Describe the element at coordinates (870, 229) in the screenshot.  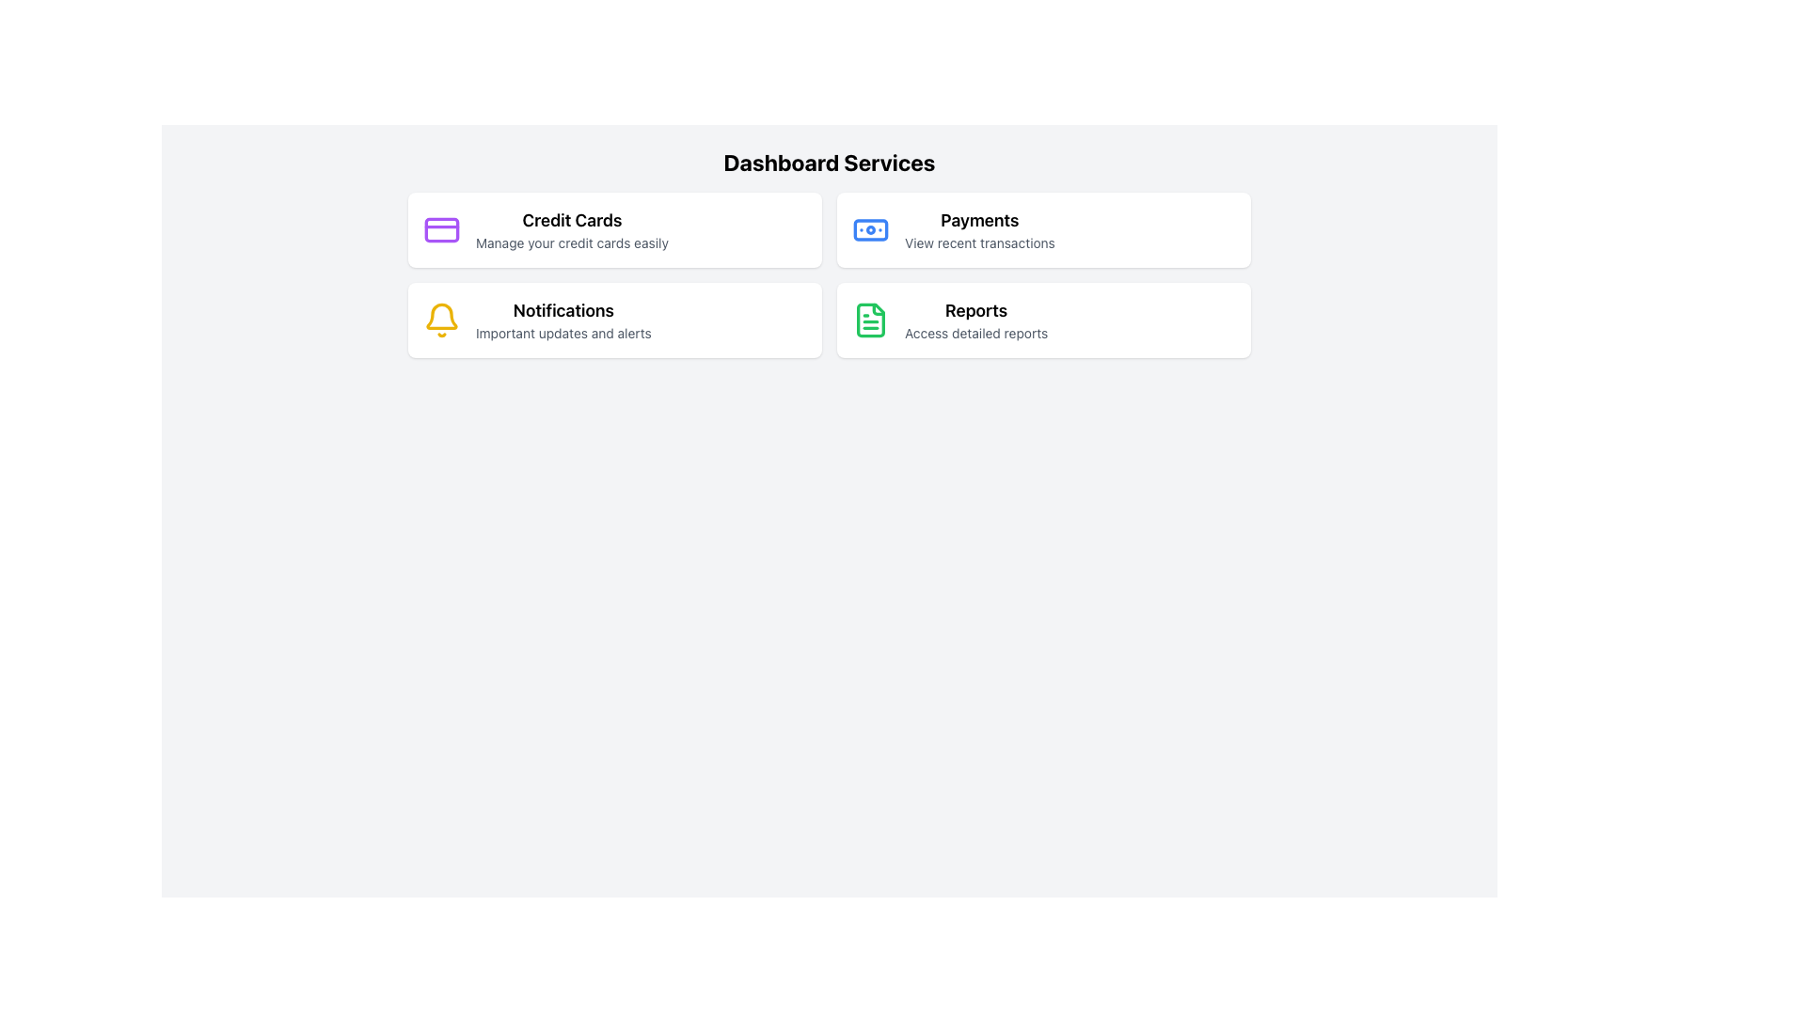
I see `the 'Payments' icon located in the upper right quadrant, above the text 'Payments' and 'View recent transactions'` at that location.